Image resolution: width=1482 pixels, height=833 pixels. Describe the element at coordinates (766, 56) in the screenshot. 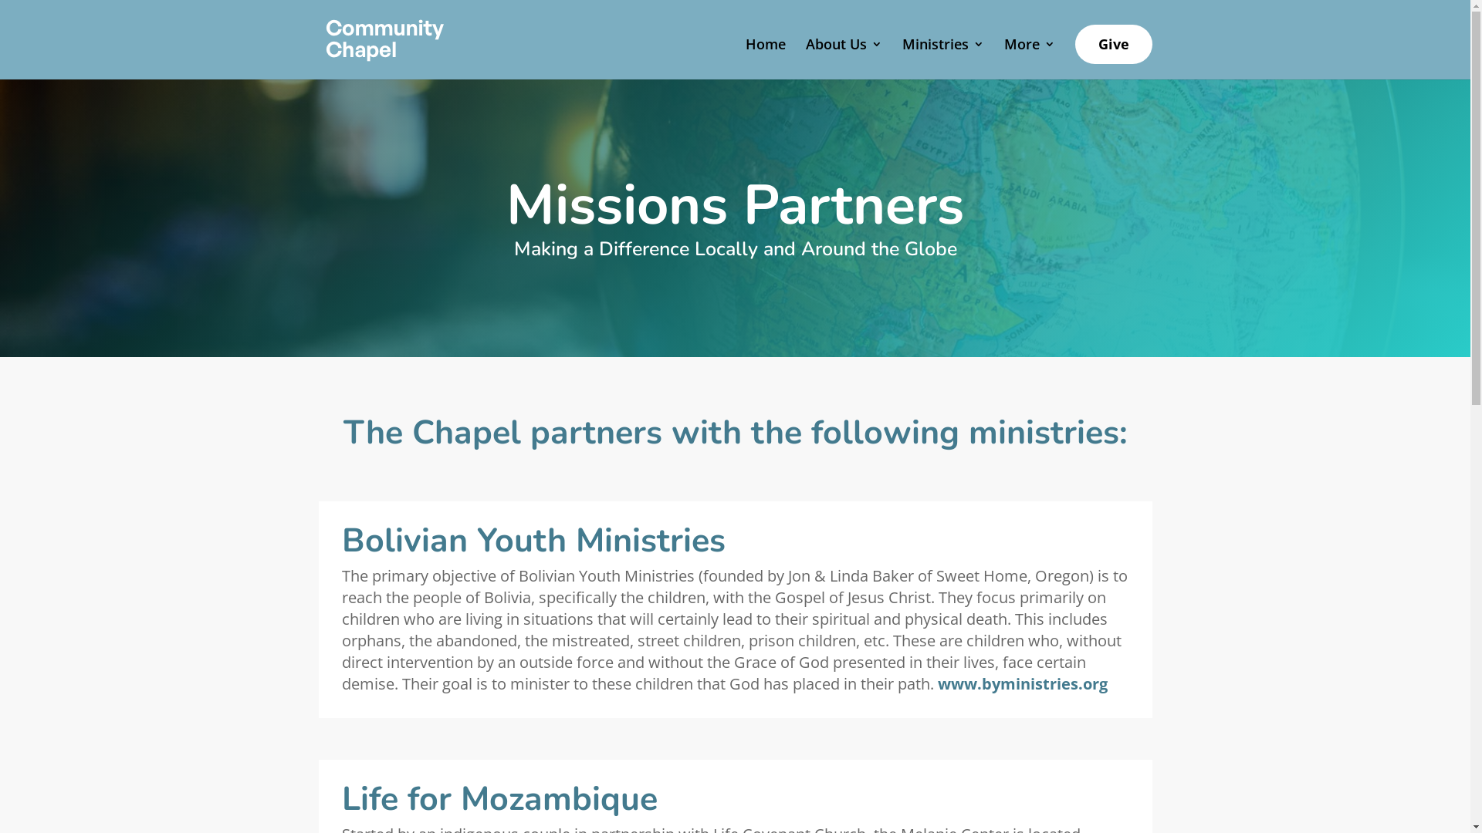

I see `'Home'` at that location.